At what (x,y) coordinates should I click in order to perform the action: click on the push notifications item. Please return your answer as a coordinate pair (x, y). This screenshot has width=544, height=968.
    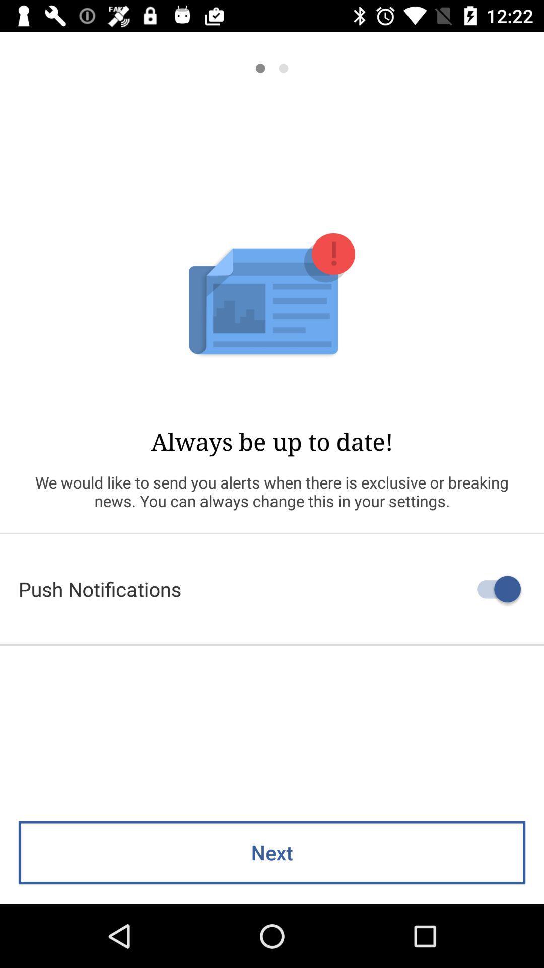
    Looking at the image, I should click on (272, 589).